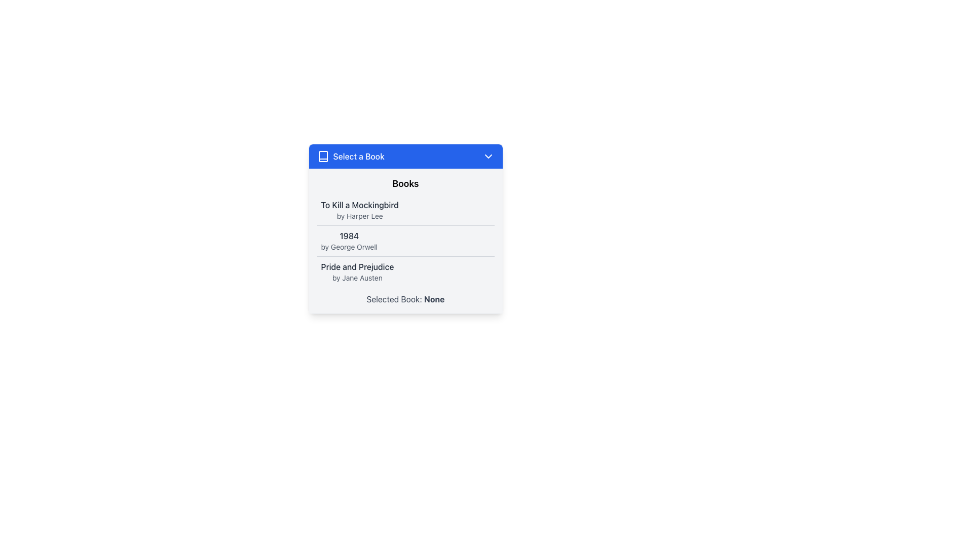  What do you see at coordinates (322, 156) in the screenshot?
I see `the book category icon located in the blue header section to the left of the 'Select a Book' text` at bounding box center [322, 156].